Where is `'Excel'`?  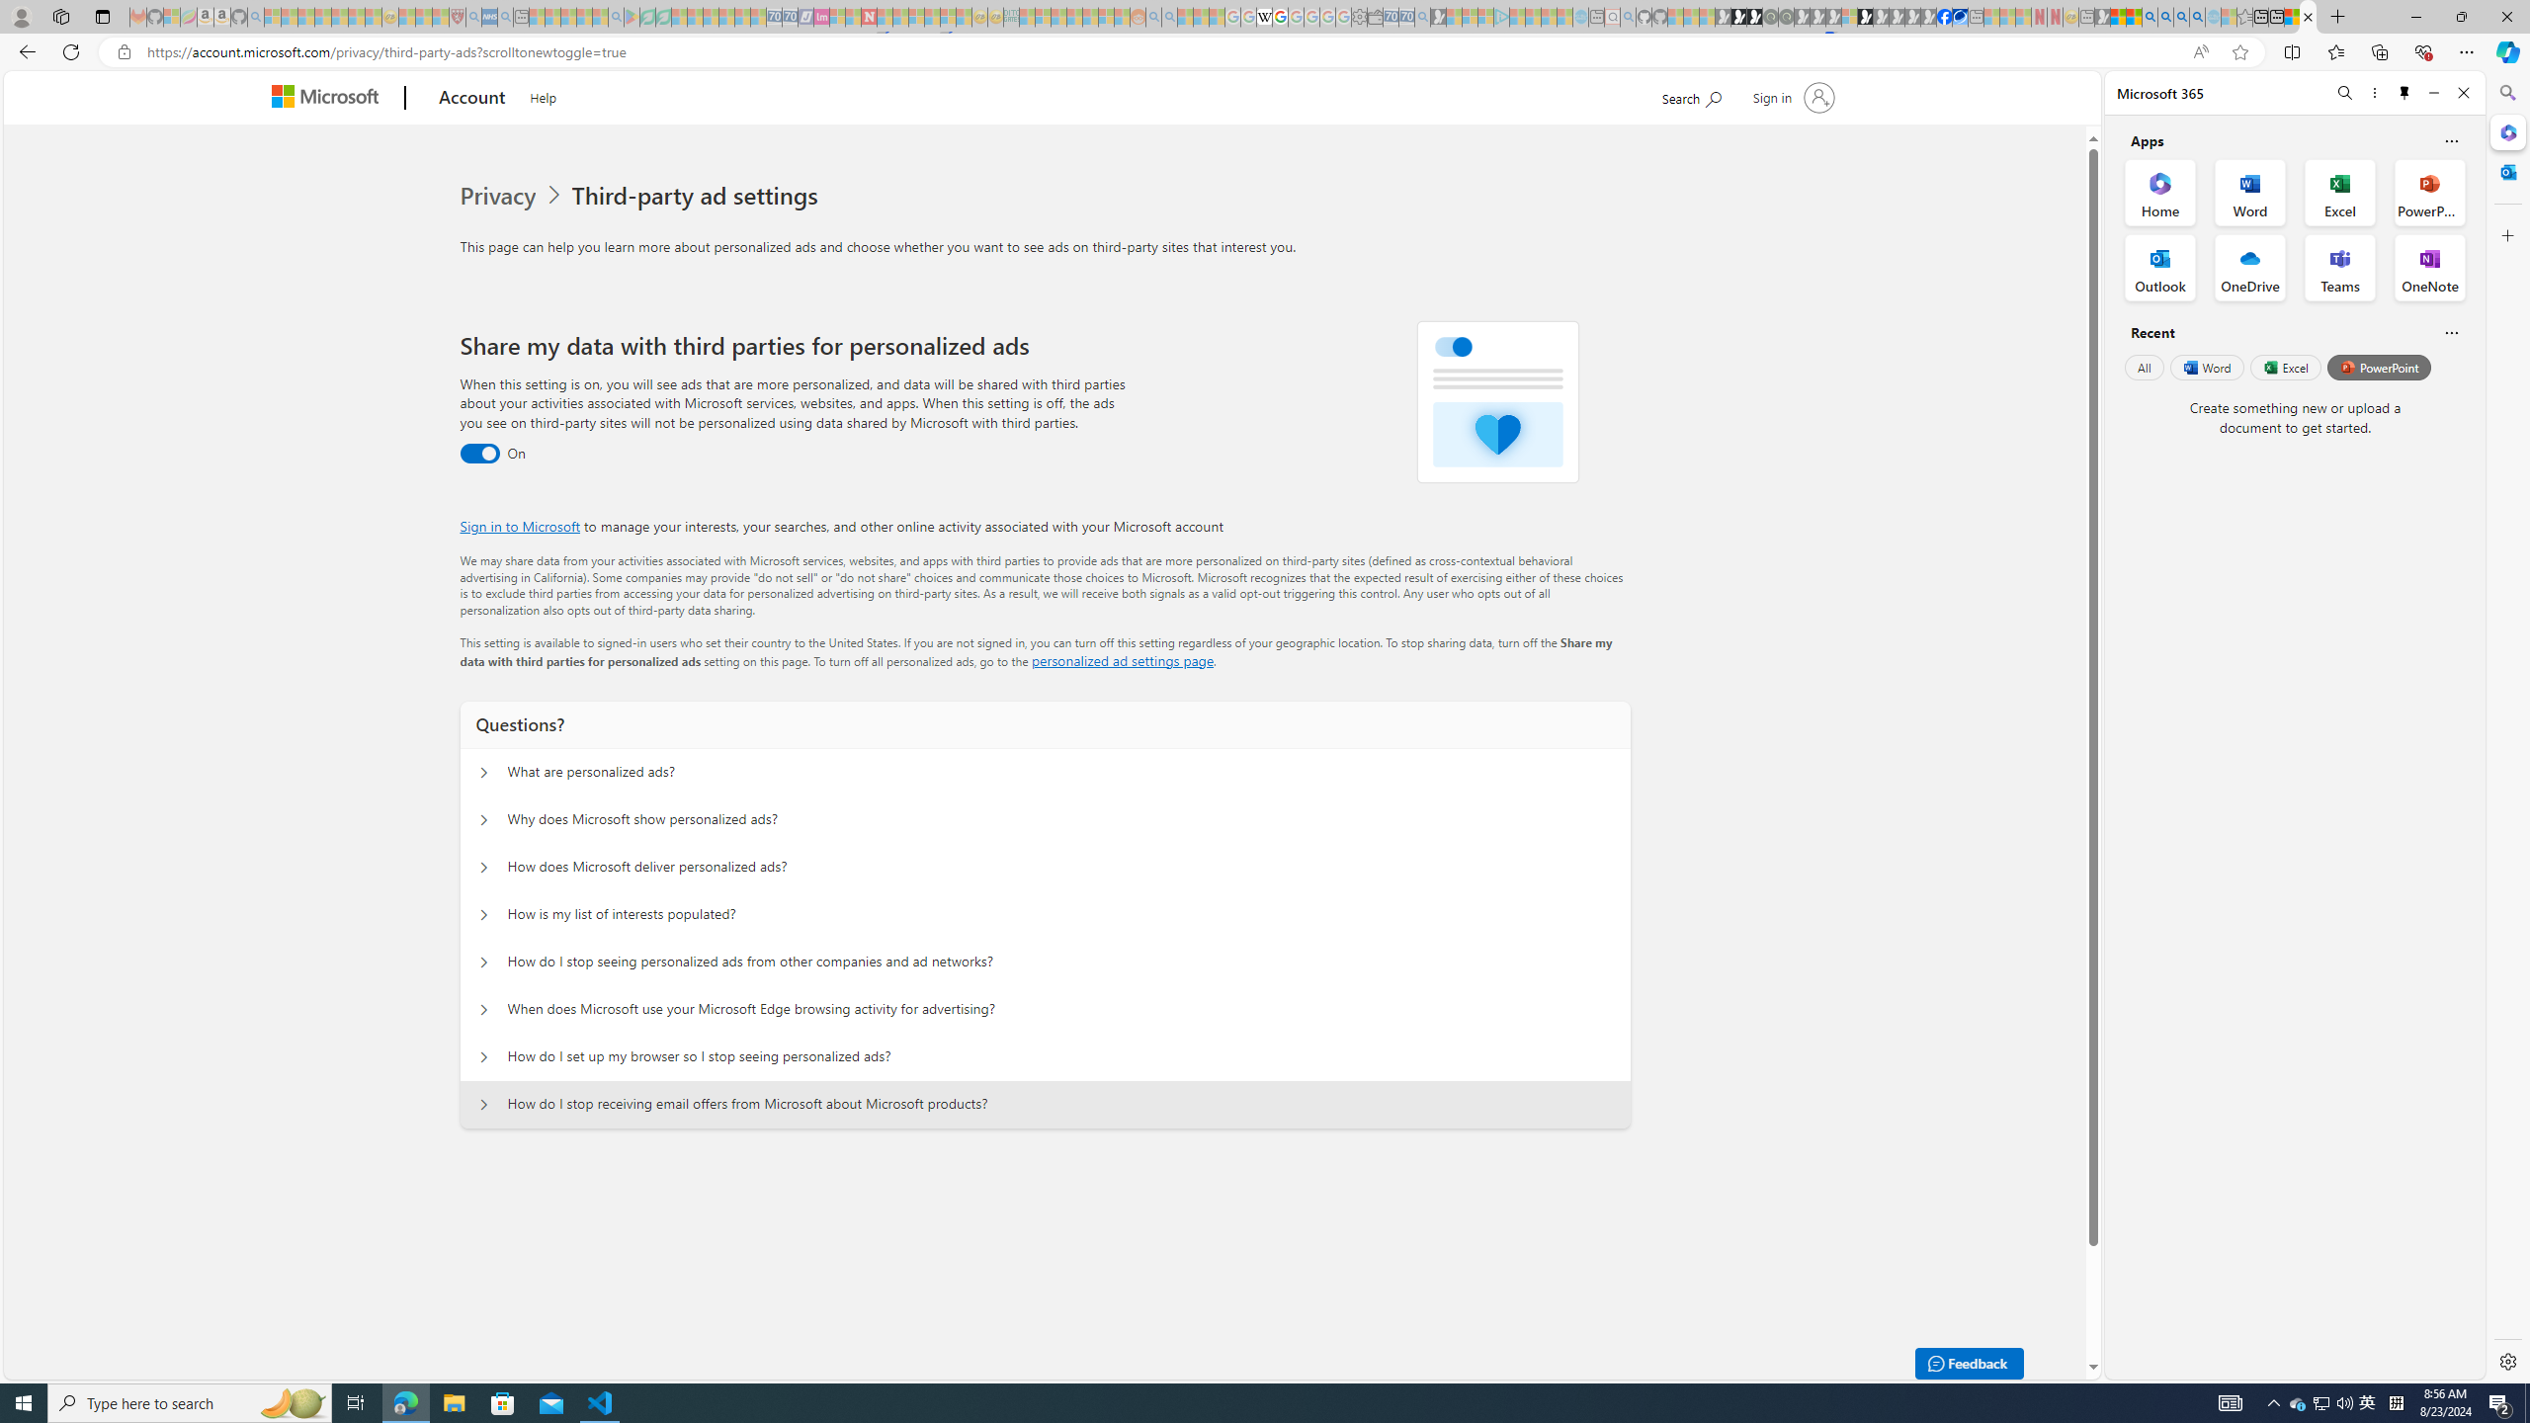 'Excel' is located at coordinates (2284, 367).